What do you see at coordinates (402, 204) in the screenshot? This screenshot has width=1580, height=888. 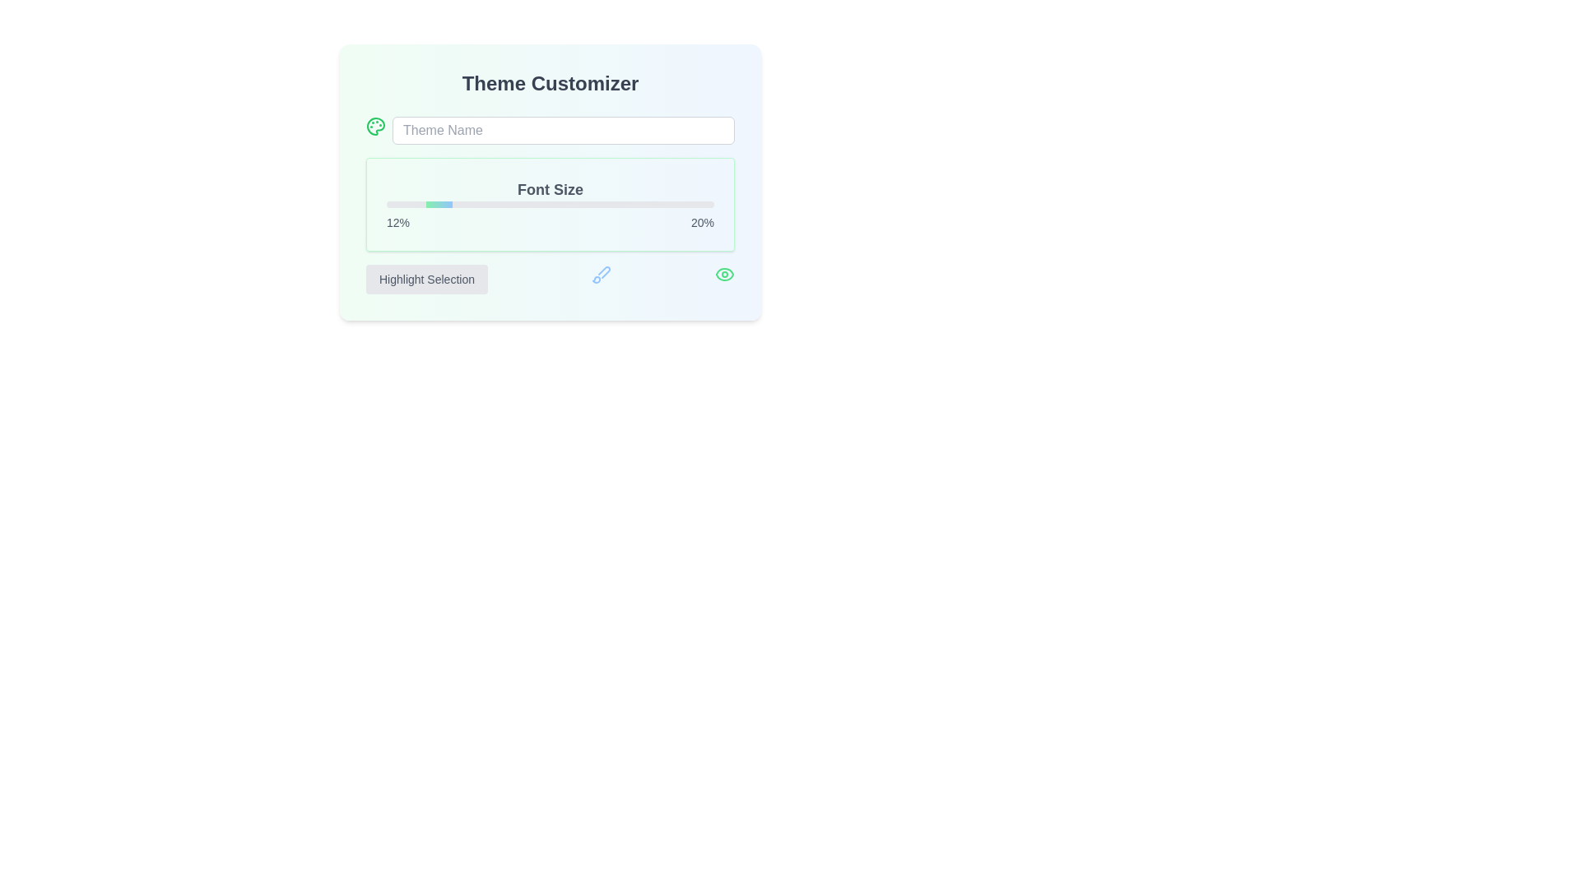 I see `the font size` at bounding box center [402, 204].